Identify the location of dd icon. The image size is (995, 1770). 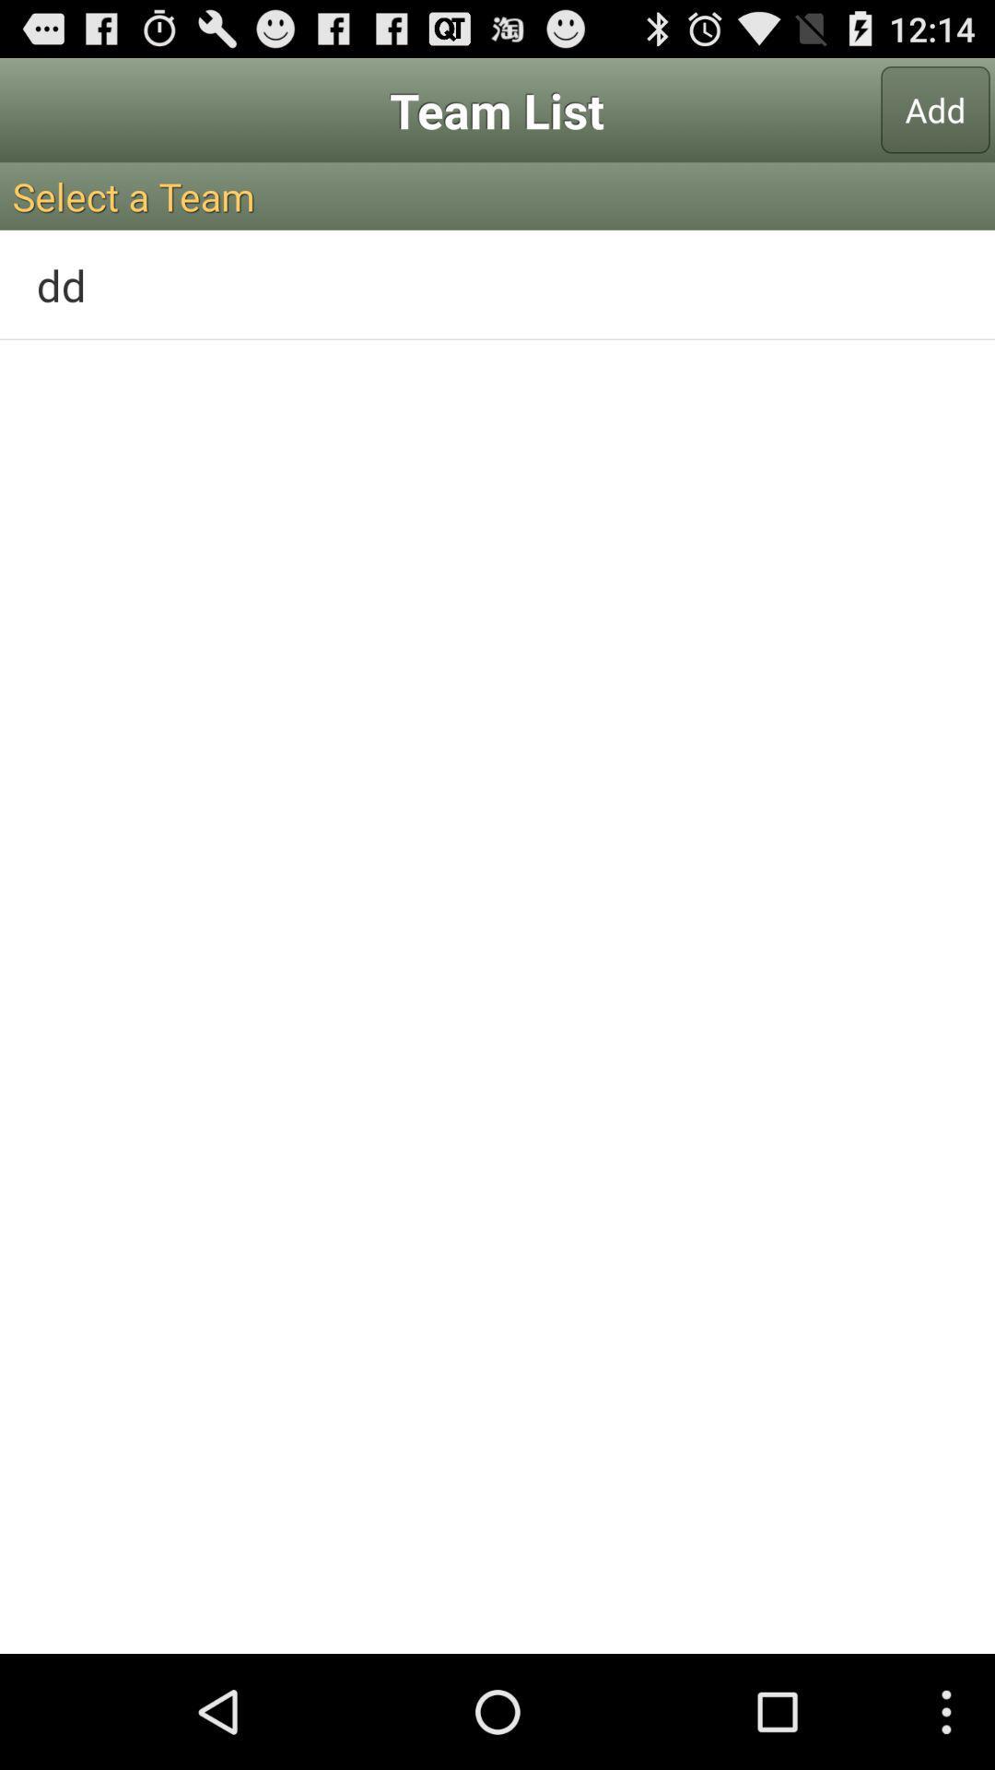
(497, 284).